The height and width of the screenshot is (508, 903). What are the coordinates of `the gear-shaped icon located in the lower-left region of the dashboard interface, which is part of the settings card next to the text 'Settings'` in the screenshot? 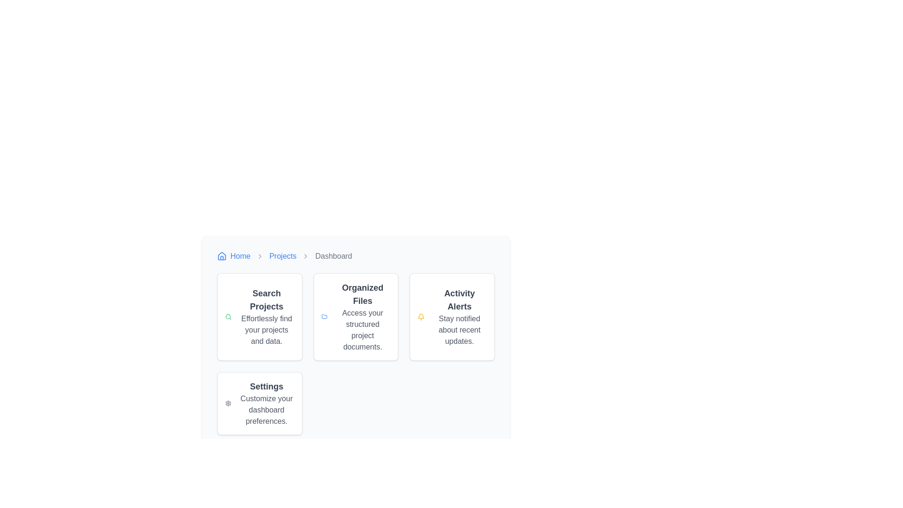 It's located at (228, 403).